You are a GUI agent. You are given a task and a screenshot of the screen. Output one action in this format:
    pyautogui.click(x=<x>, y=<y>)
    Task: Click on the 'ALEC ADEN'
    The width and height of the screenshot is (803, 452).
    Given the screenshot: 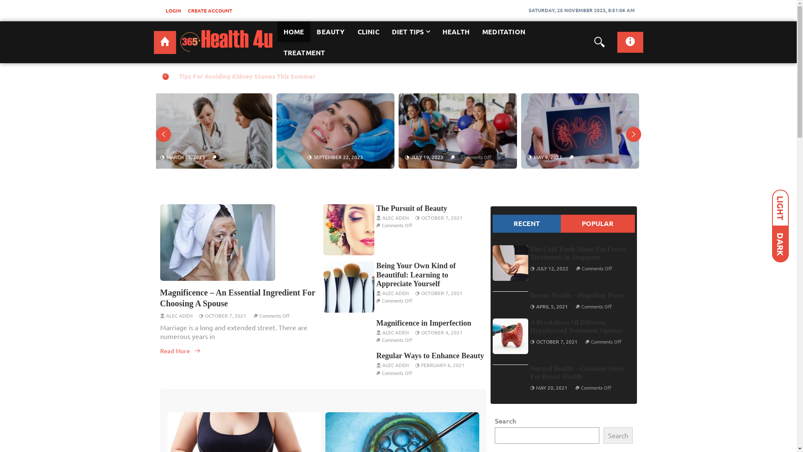 What is the action you would take?
    pyautogui.click(x=395, y=217)
    